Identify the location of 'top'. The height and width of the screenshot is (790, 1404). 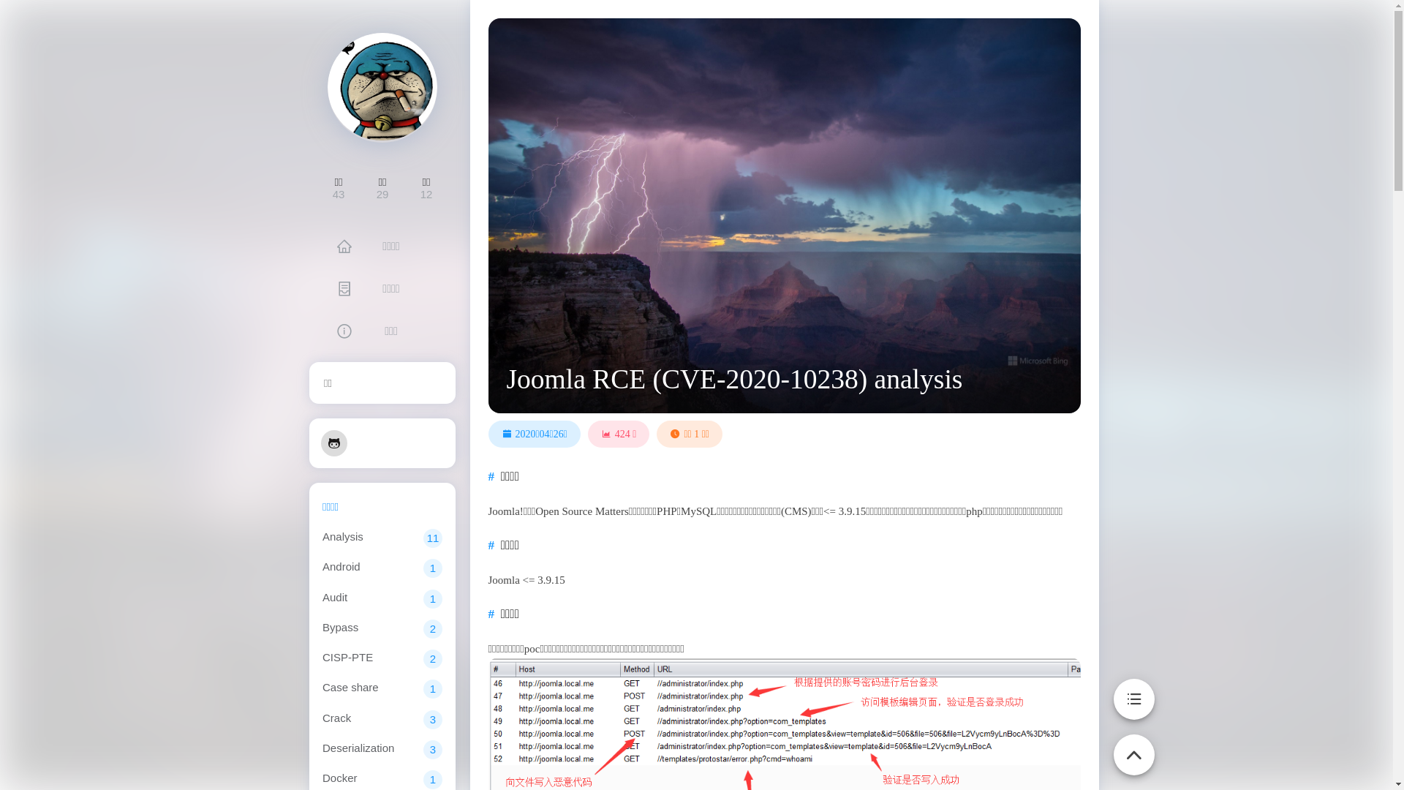
(1133, 746).